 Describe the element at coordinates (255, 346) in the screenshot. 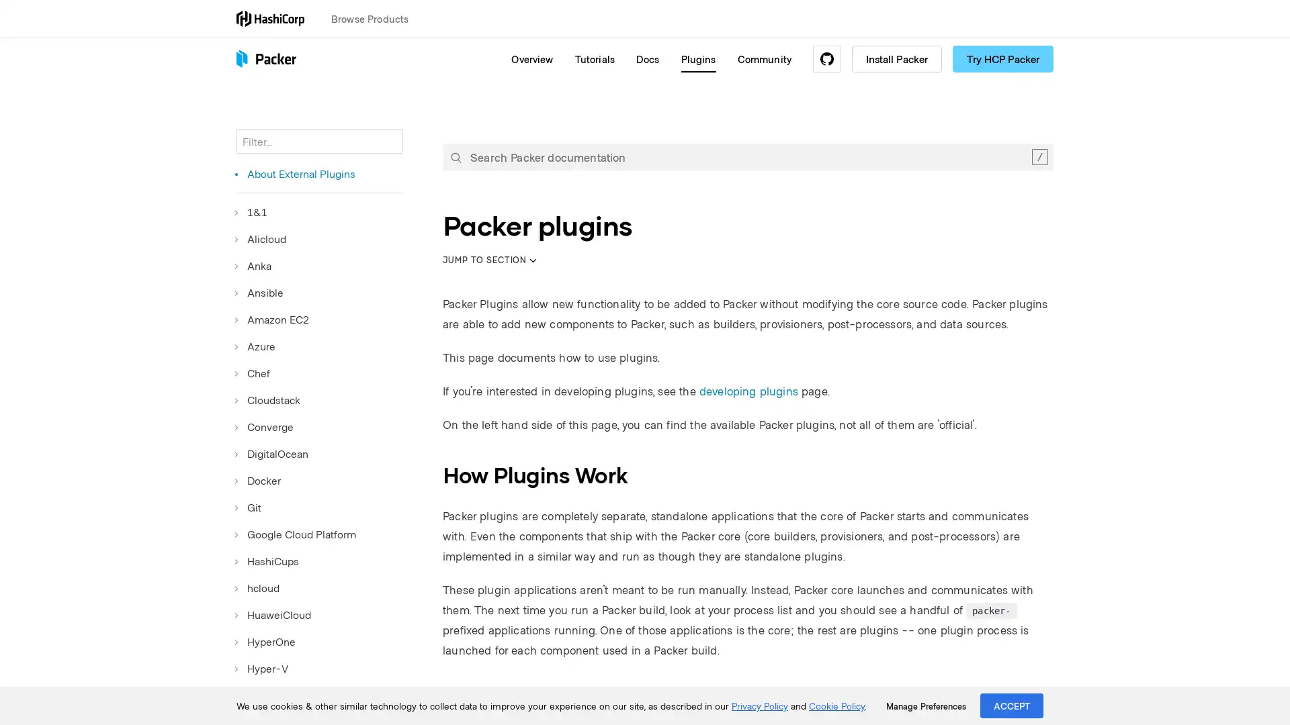

I see `Azure` at that location.